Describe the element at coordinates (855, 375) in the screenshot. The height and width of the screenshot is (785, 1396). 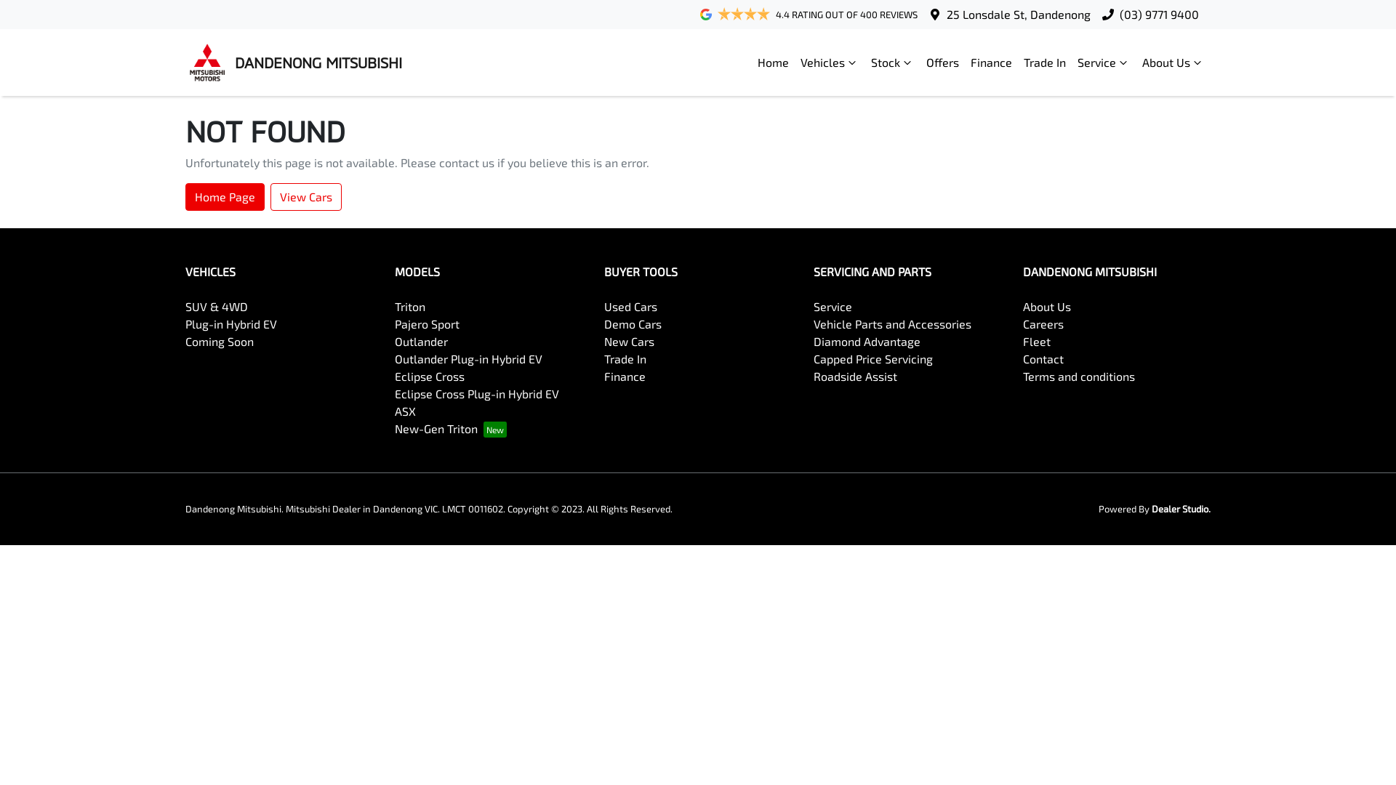
I see `'Roadside Assist'` at that location.